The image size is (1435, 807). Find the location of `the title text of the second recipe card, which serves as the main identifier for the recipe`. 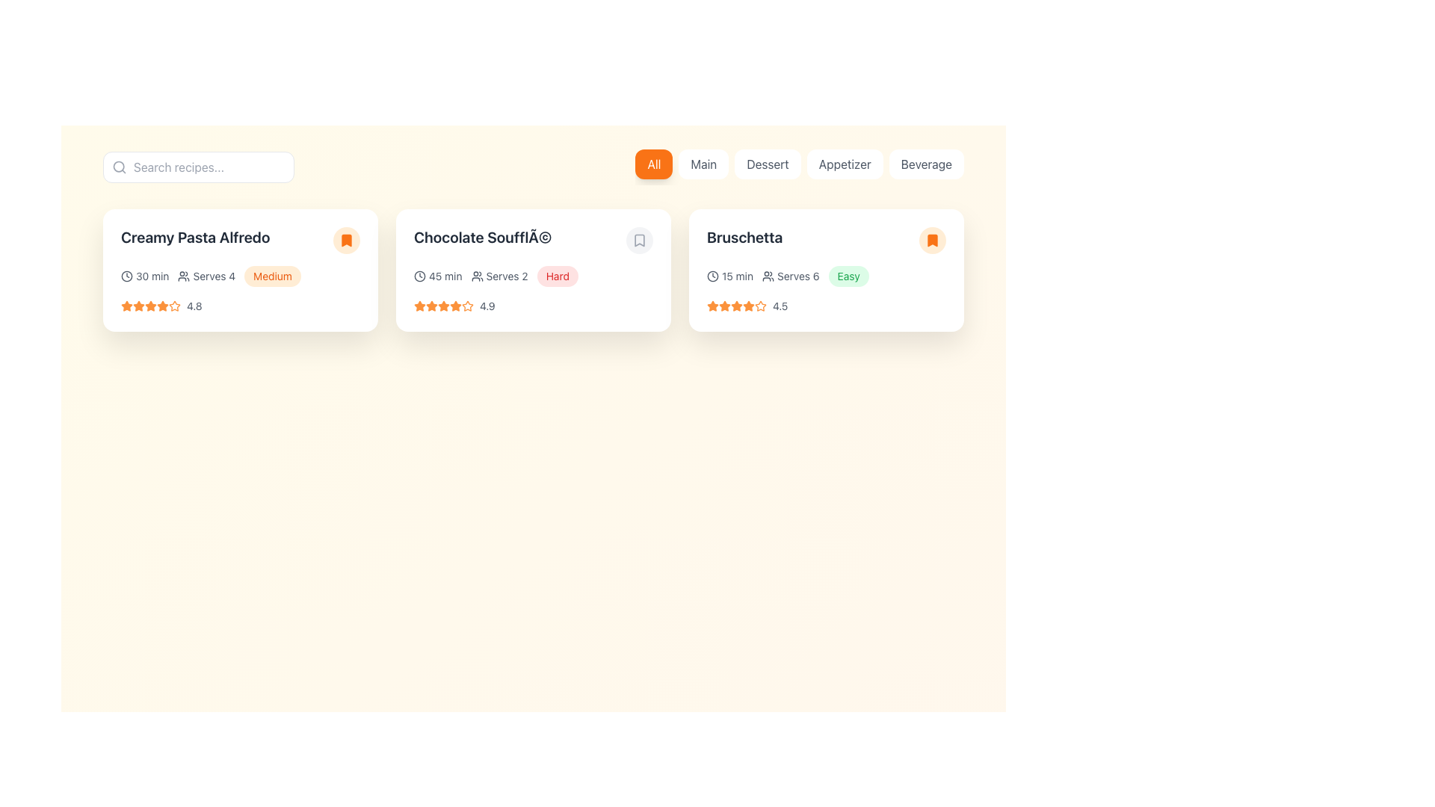

the title text of the second recipe card, which serves as the main identifier for the recipe is located at coordinates (534, 239).